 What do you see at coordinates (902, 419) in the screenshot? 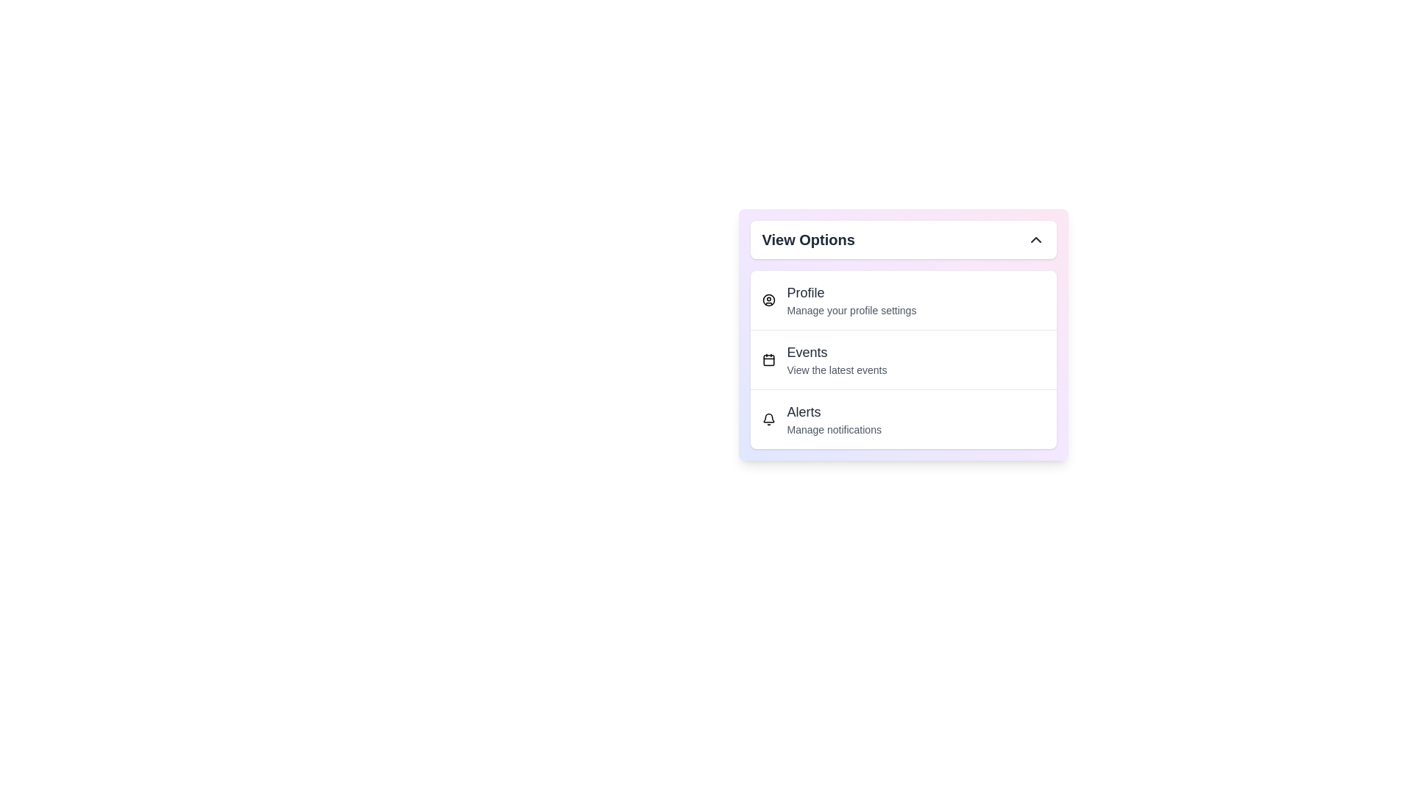
I see `the button labeled Alerts to observe visual changes` at bounding box center [902, 419].